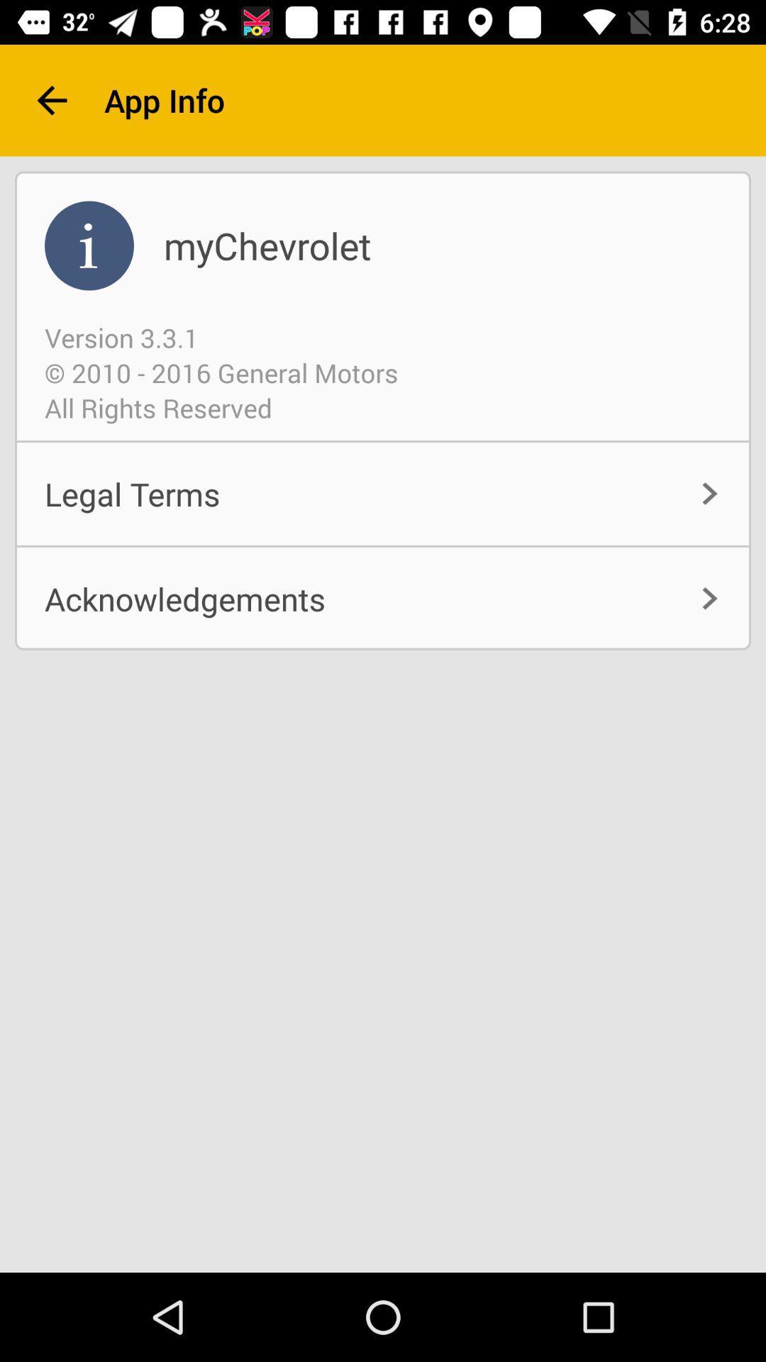  I want to click on the arrow_backward icon, so click(51, 99).